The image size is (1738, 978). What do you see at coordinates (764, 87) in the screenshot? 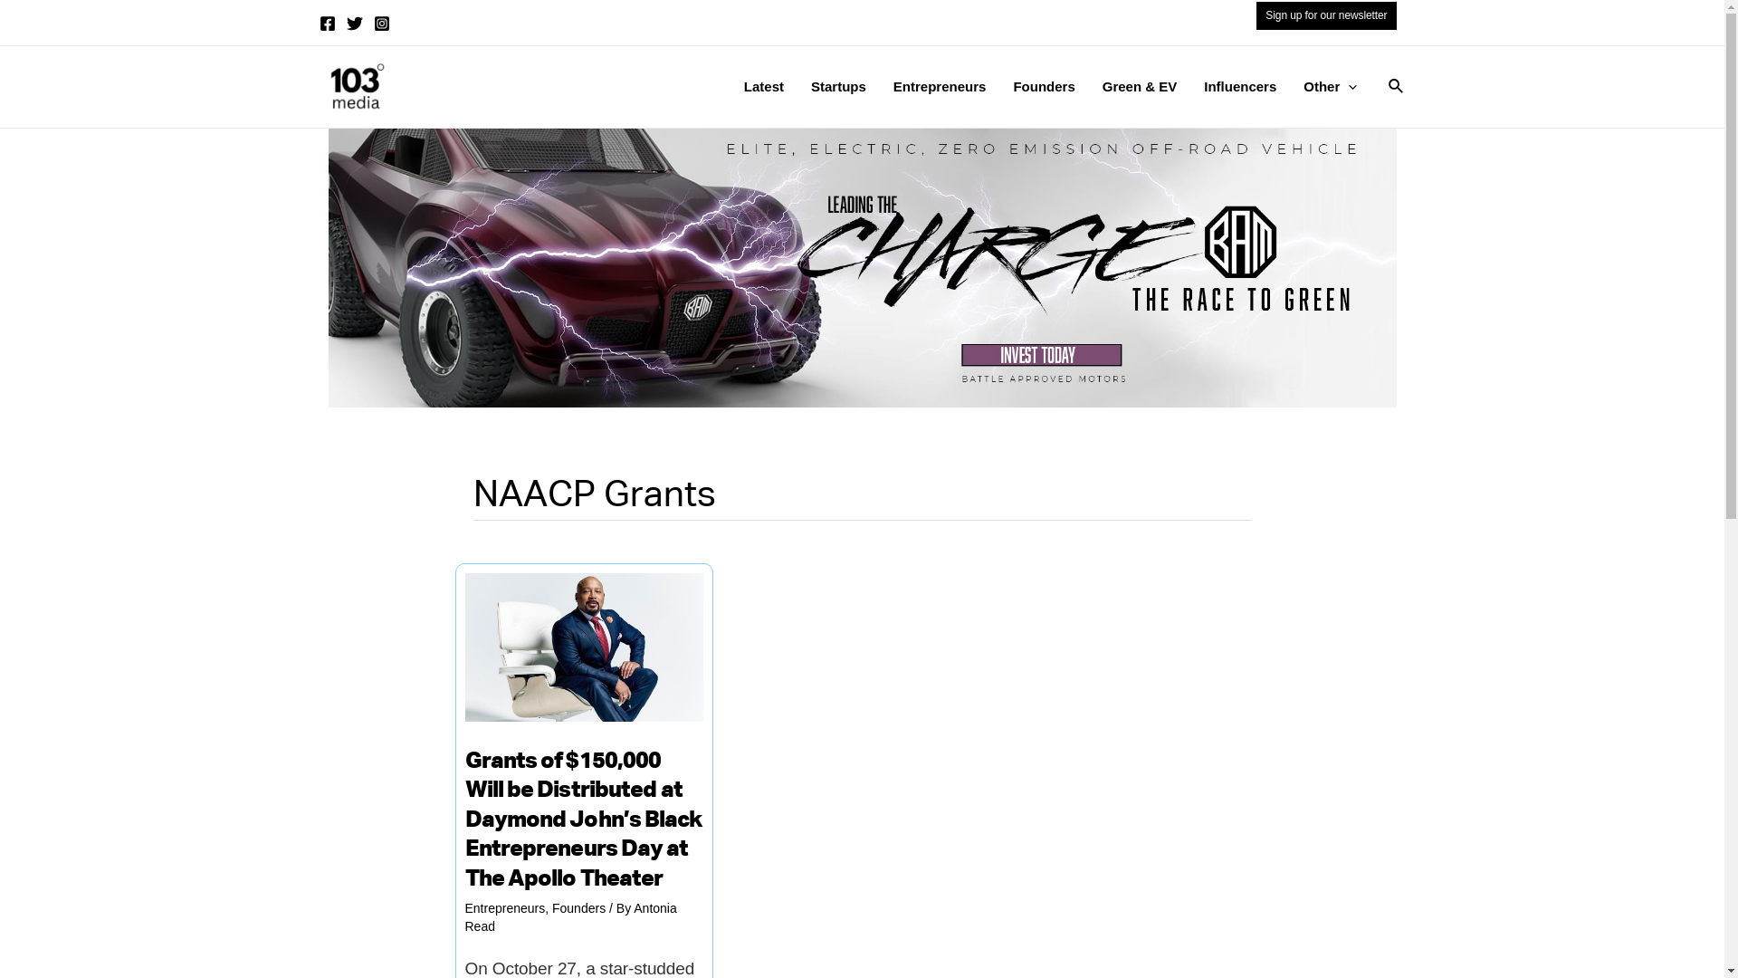
I see `'Latest'` at bounding box center [764, 87].